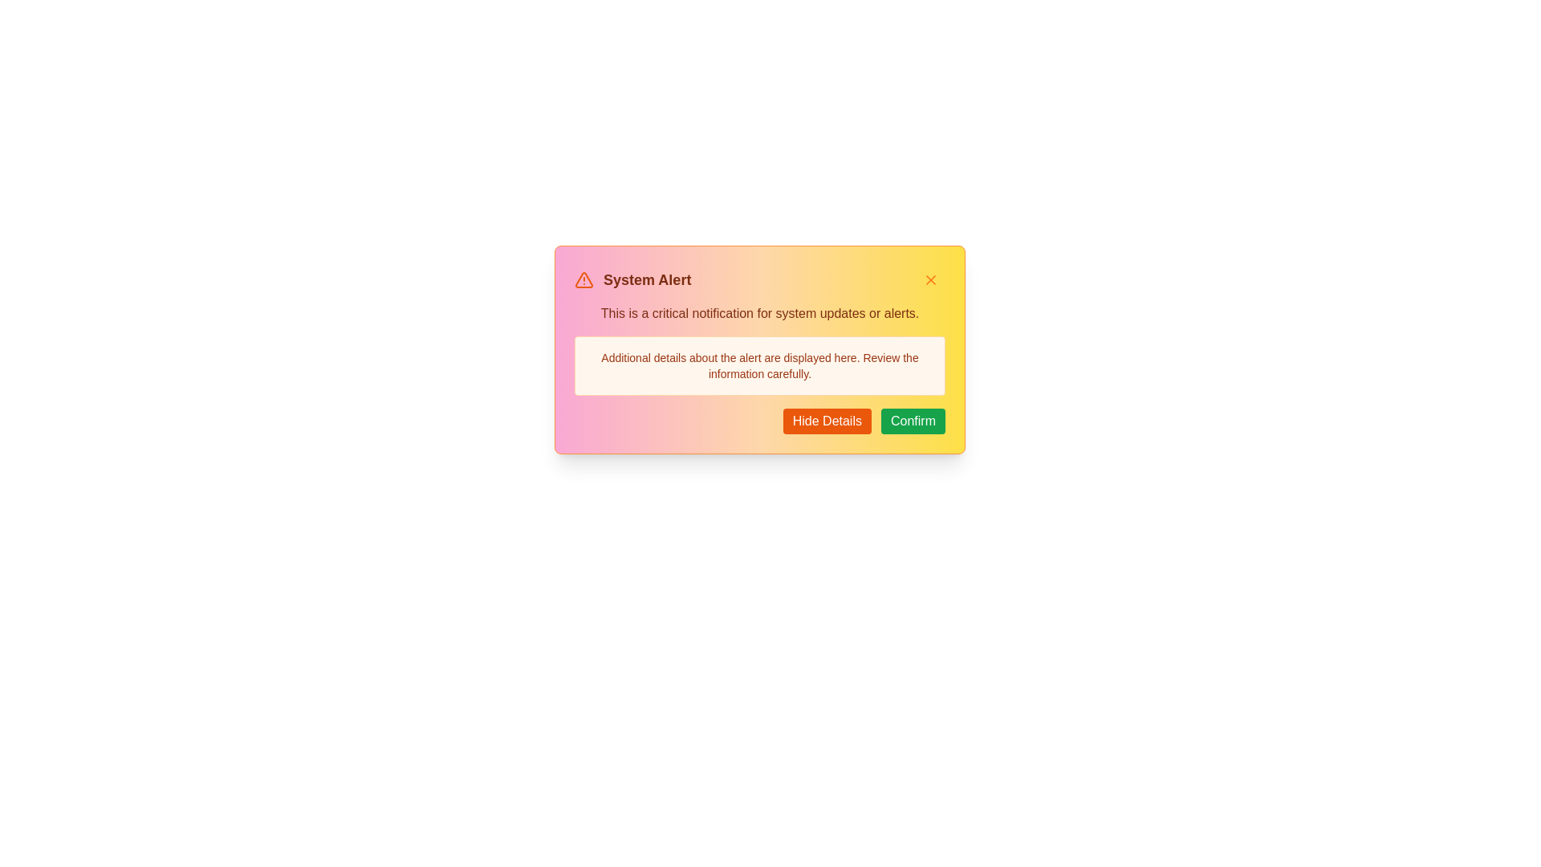 The width and height of the screenshot is (1541, 867). What do you see at coordinates (913, 420) in the screenshot?
I see `the Confirm button to acknowledge the alert` at bounding box center [913, 420].